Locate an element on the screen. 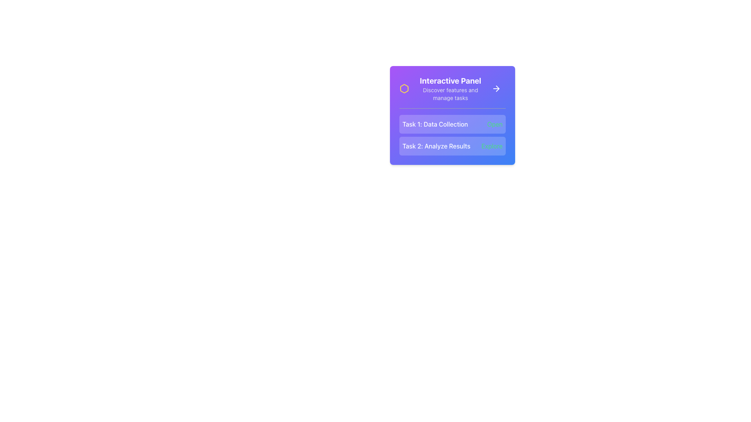  the decorative icon located in the upper left corner of the 'Interactive Panel' card, which serves as a visual identifier for the panel is located at coordinates (404, 88).